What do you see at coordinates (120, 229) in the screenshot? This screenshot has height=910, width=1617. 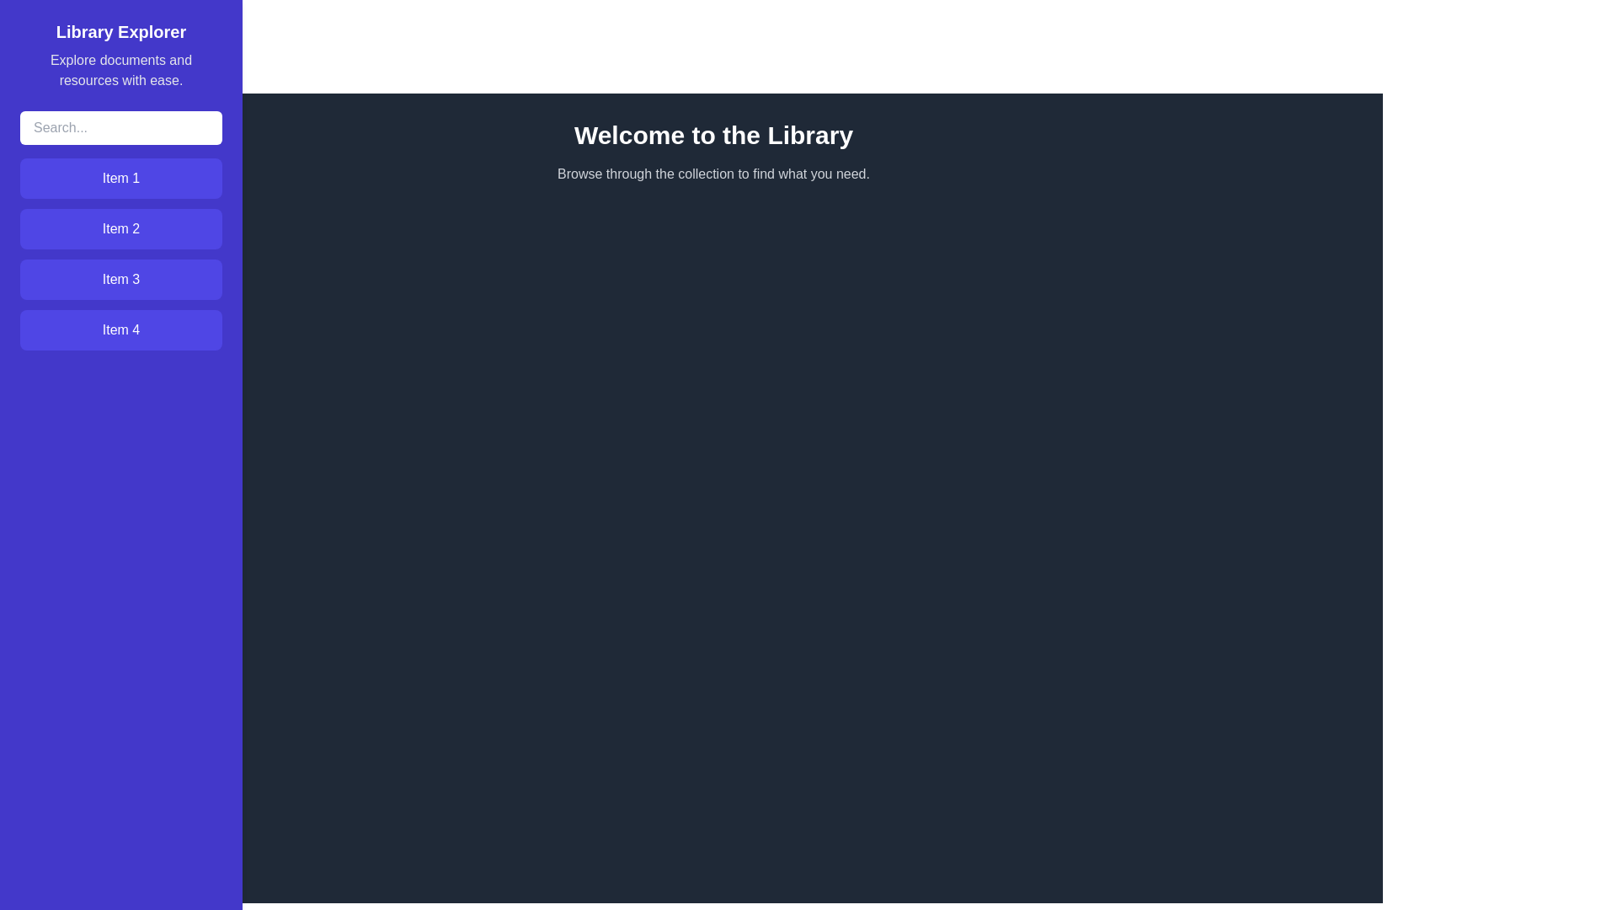 I see `the item Item 2 from the drawer menu` at bounding box center [120, 229].